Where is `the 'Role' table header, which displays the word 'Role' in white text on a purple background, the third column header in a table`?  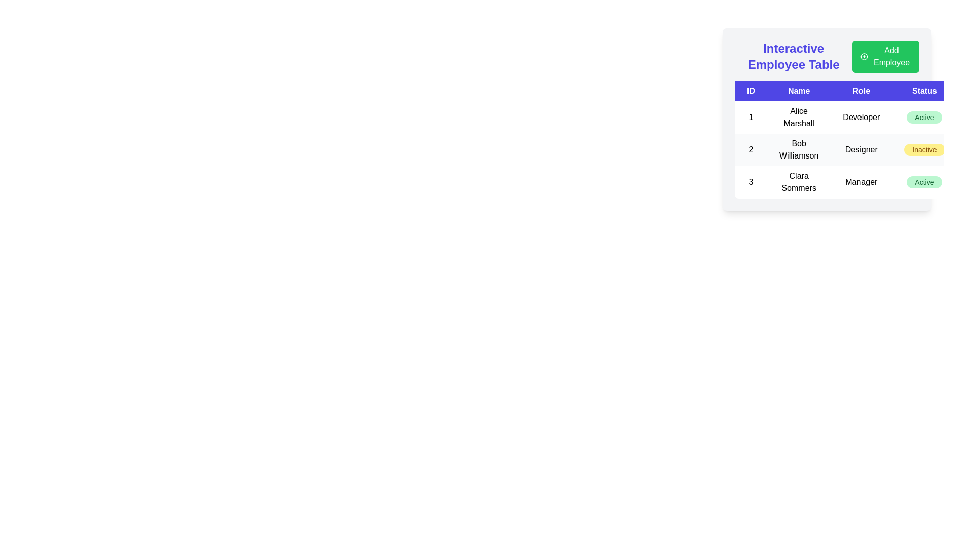 the 'Role' table header, which displays the word 'Role' in white text on a purple background, the third column header in a table is located at coordinates (860, 91).